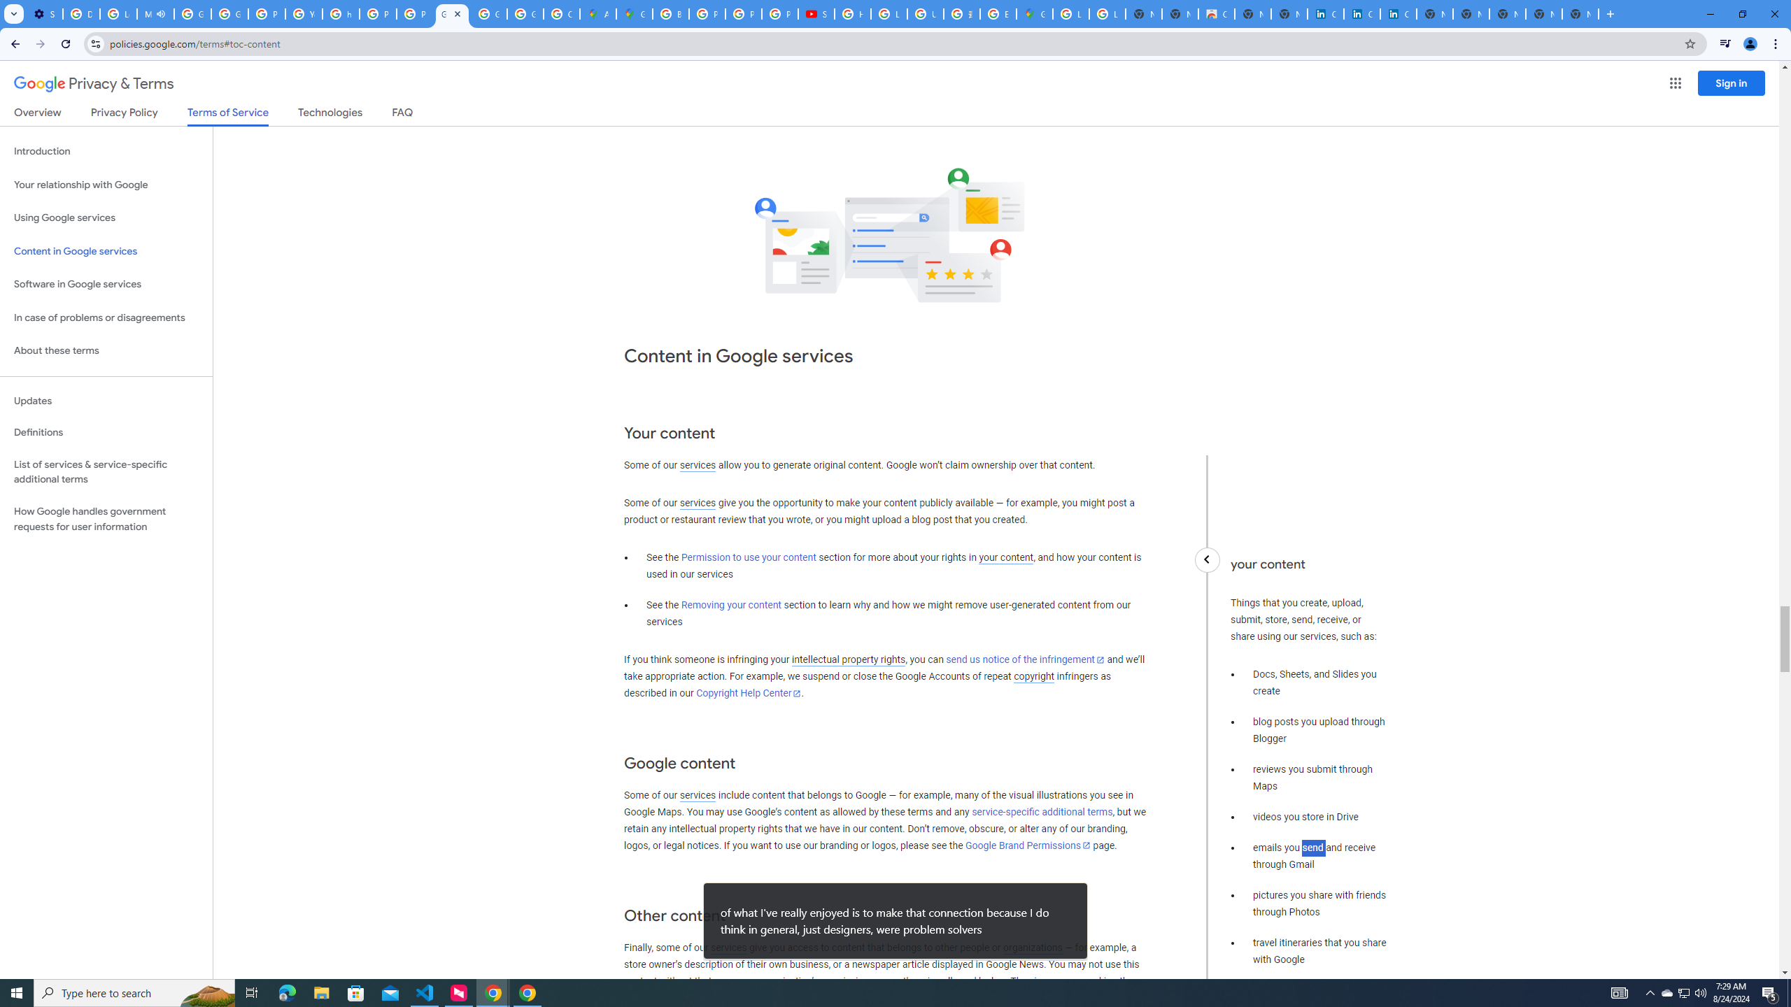  What do you see at coordinates (1027, 844) in the screenshot?
I see `'Google Brand Permissions'` at bounding box center [1027, 844].